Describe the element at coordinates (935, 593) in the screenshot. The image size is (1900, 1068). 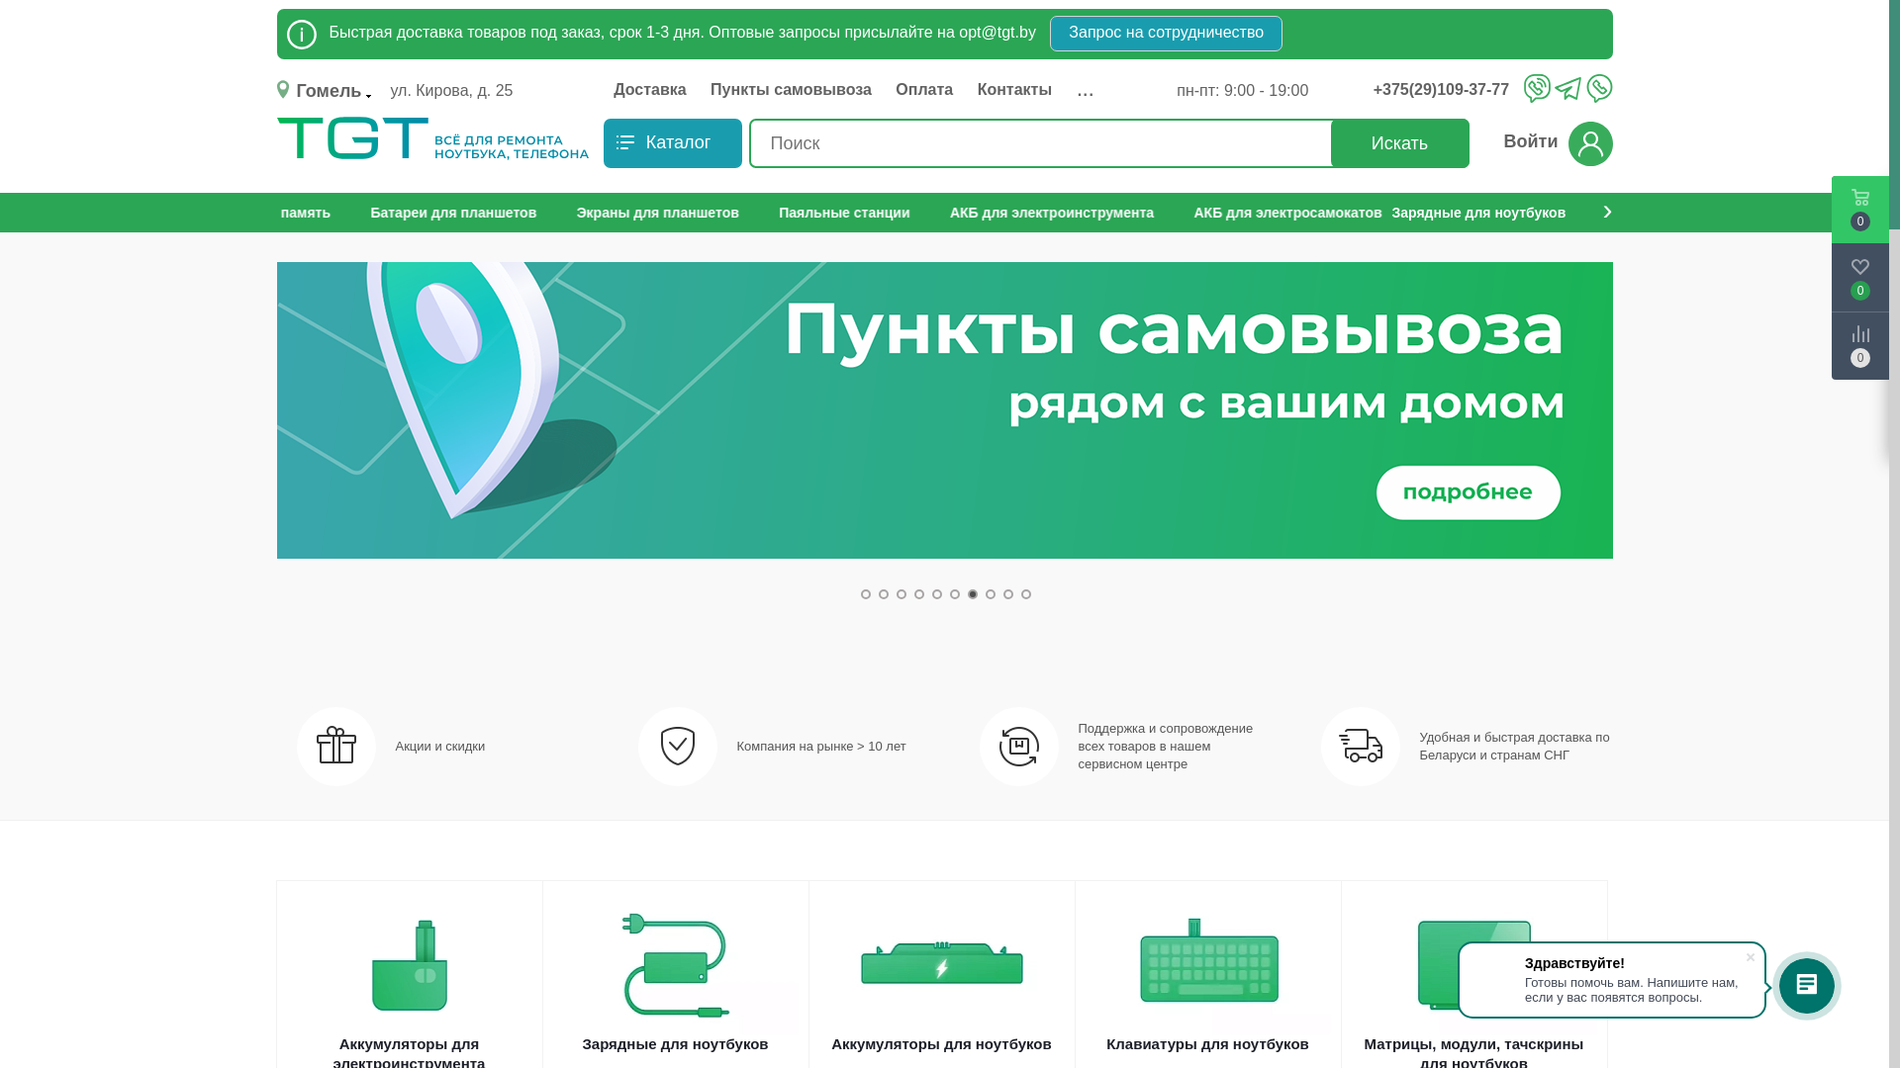
I see `'5'` at that location.